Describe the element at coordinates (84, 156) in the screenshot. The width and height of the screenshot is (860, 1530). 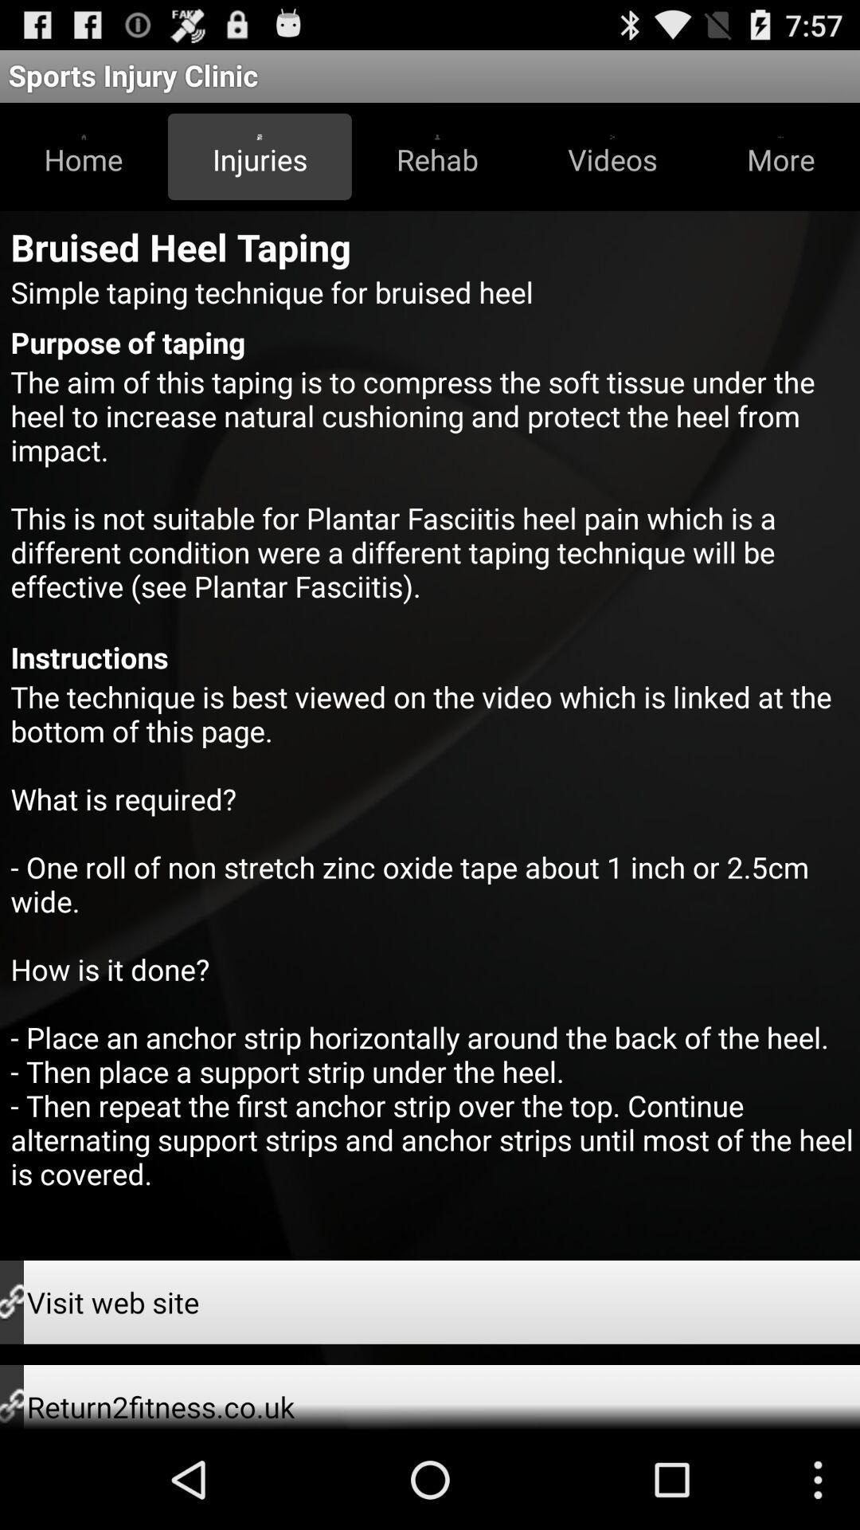
I see `home` at that location.